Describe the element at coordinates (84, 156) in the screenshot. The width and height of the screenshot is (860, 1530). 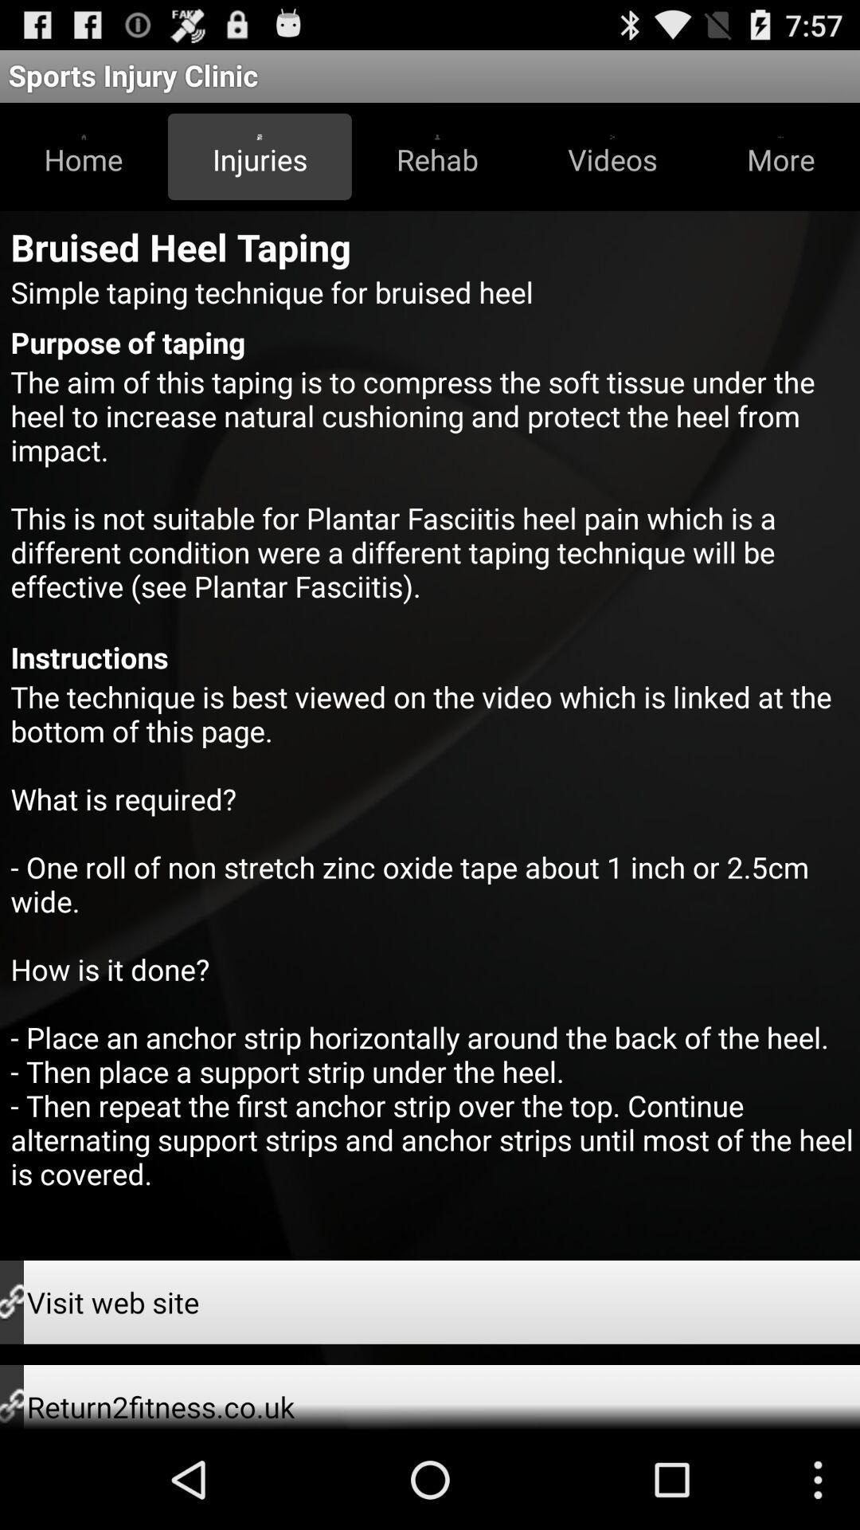
I see `home` at that location.